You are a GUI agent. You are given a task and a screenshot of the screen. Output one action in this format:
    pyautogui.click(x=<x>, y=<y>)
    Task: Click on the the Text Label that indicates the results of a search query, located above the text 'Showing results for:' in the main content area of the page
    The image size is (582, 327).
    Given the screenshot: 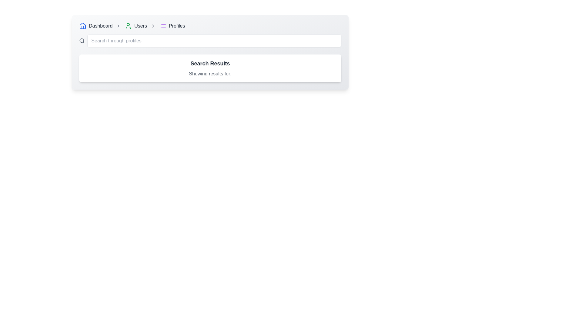 What is the action you would take?
    pyautogui.click(x=210, y=63)
    